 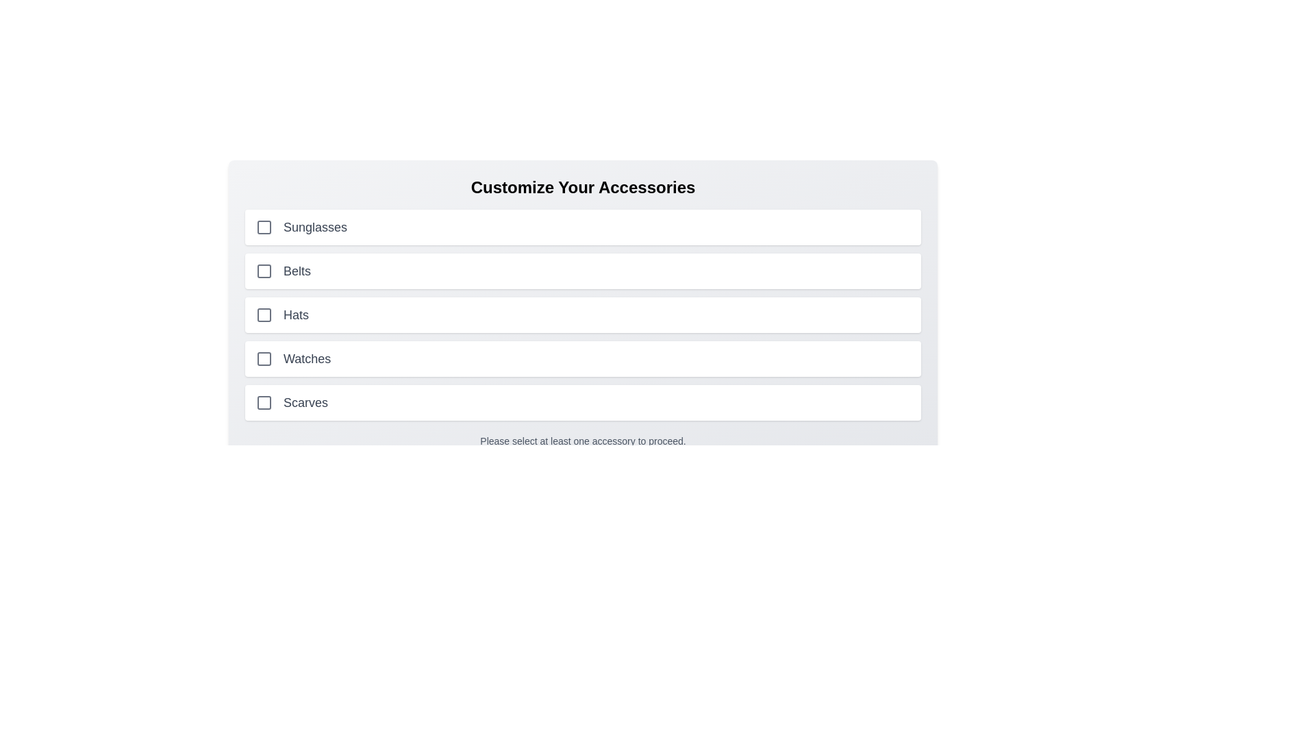 What do you see at coordinates (264, 226) in the screenshot?
I see `the inner rectangle within the SVG icon representing the checkbox for 'Sunglasses'` at bounding box center [264, 226].